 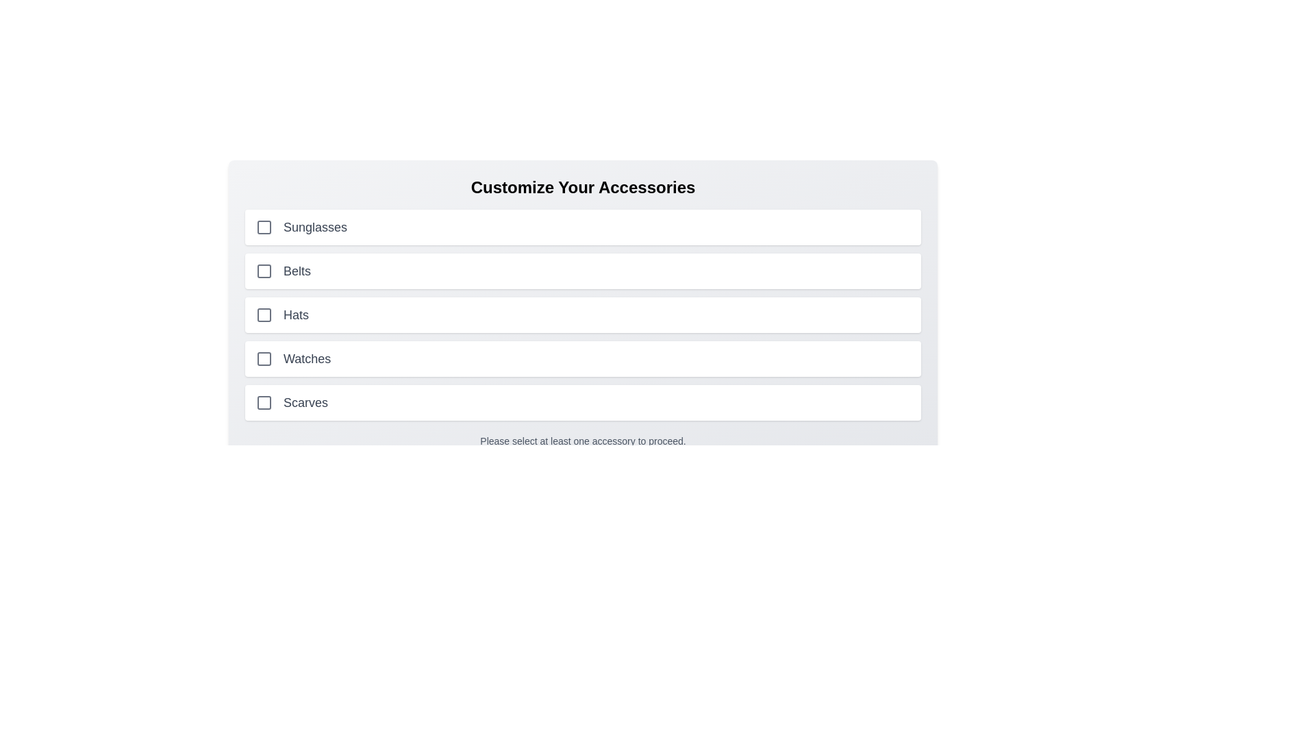 What do you see at coordinates (264, 226) in the screenshot?
I see `the inner rectangle within the SVG icon representing the checkbox for 'Sunglasses'` at bounding box center [264, 226].